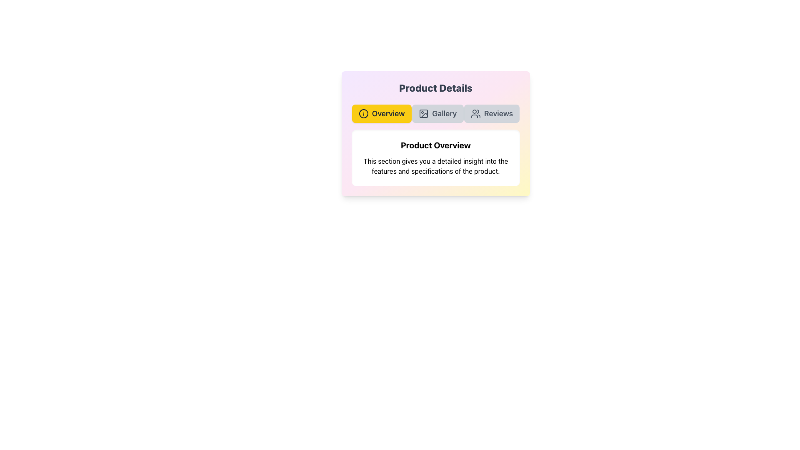 This screenshot has width=800, height=450. I want to click on the gallery icon, which is a monochrome image depiction with a square frame and a circle, located adjacent to the 'Gallery' text in the menu bar under 'Product Details', so click(424, 114).